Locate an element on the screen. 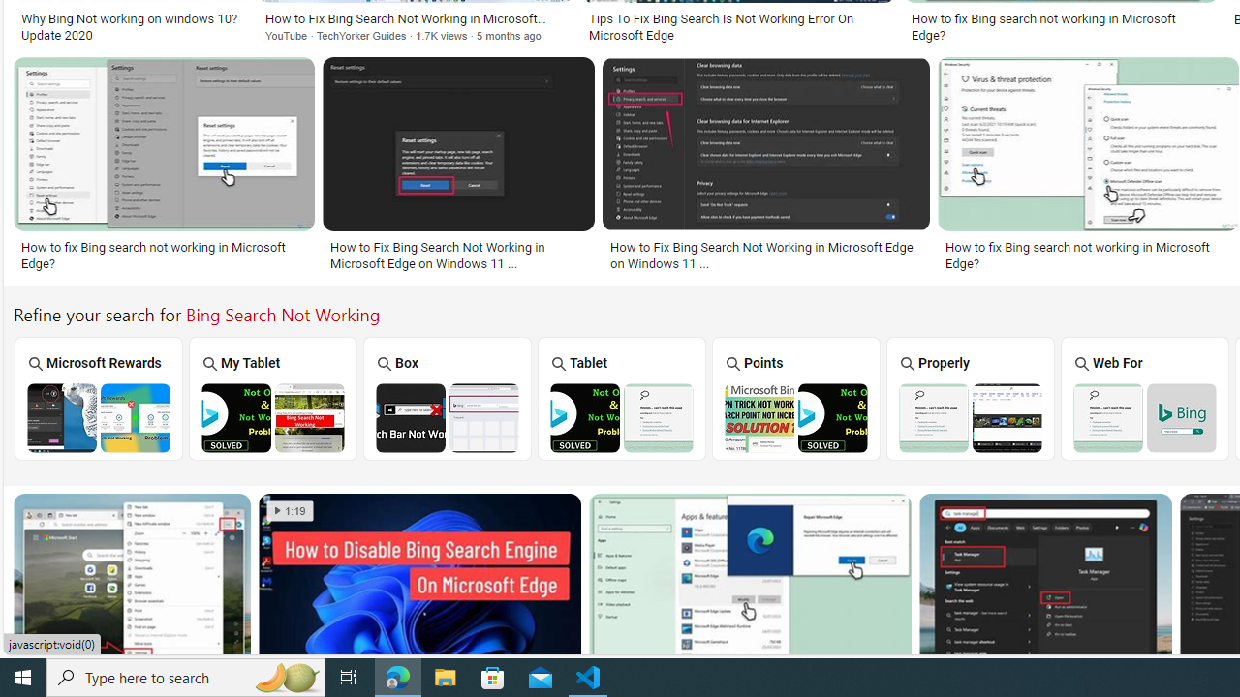 This screenshot has height=697, width=1240. 'My Tablet' is located at coordinates (272, 397).